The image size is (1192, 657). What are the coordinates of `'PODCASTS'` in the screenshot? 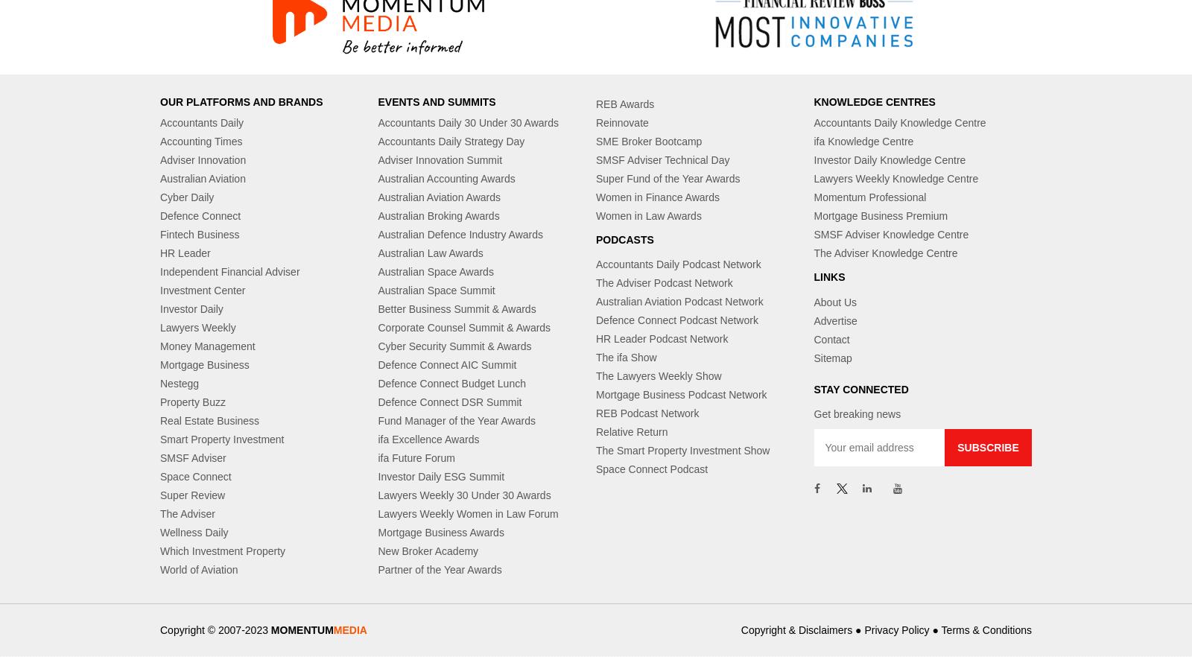 It's located at (624, 238).